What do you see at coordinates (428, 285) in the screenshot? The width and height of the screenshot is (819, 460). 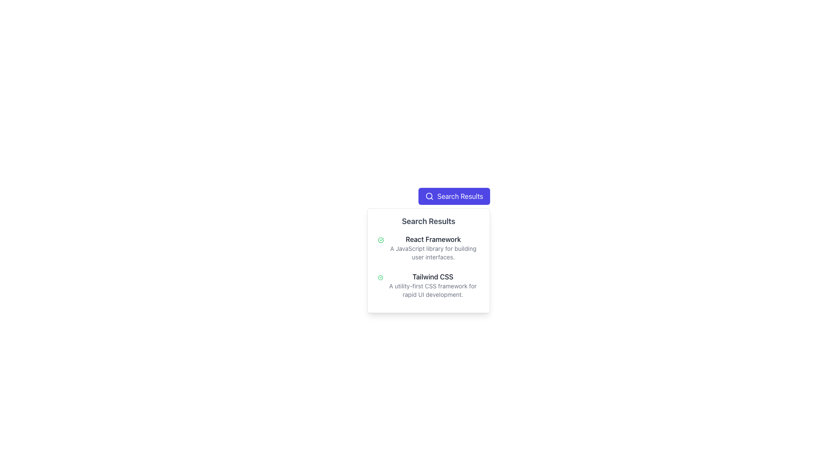 I see `the second Info card in the 'Search Results' section, which contains the title 'Tailwind CSS' and a green checkmark icon` at bounding box center [428, 285].